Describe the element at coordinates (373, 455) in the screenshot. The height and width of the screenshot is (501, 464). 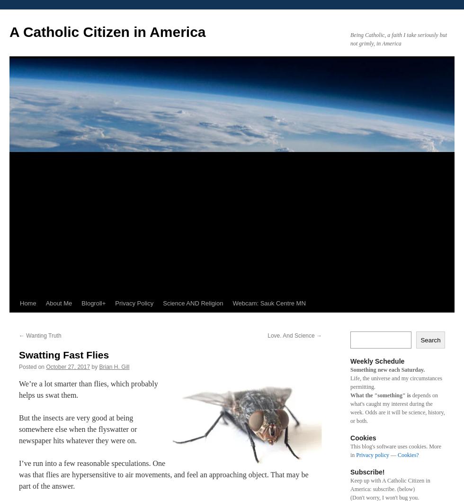
I see `'Privacy policy'` at that location.